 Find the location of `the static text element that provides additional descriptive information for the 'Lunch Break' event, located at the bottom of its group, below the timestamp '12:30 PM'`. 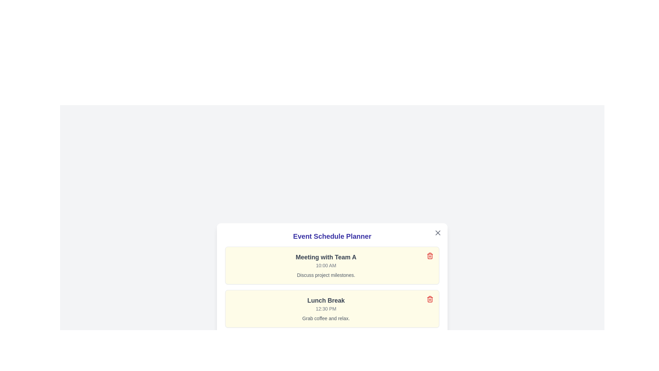

the static text element that provides additional descriptive information for the 'Lunch Break' event, located at the bottom of its group, below the timestamp '12:30 PM' is located at coordinates (326, 318).